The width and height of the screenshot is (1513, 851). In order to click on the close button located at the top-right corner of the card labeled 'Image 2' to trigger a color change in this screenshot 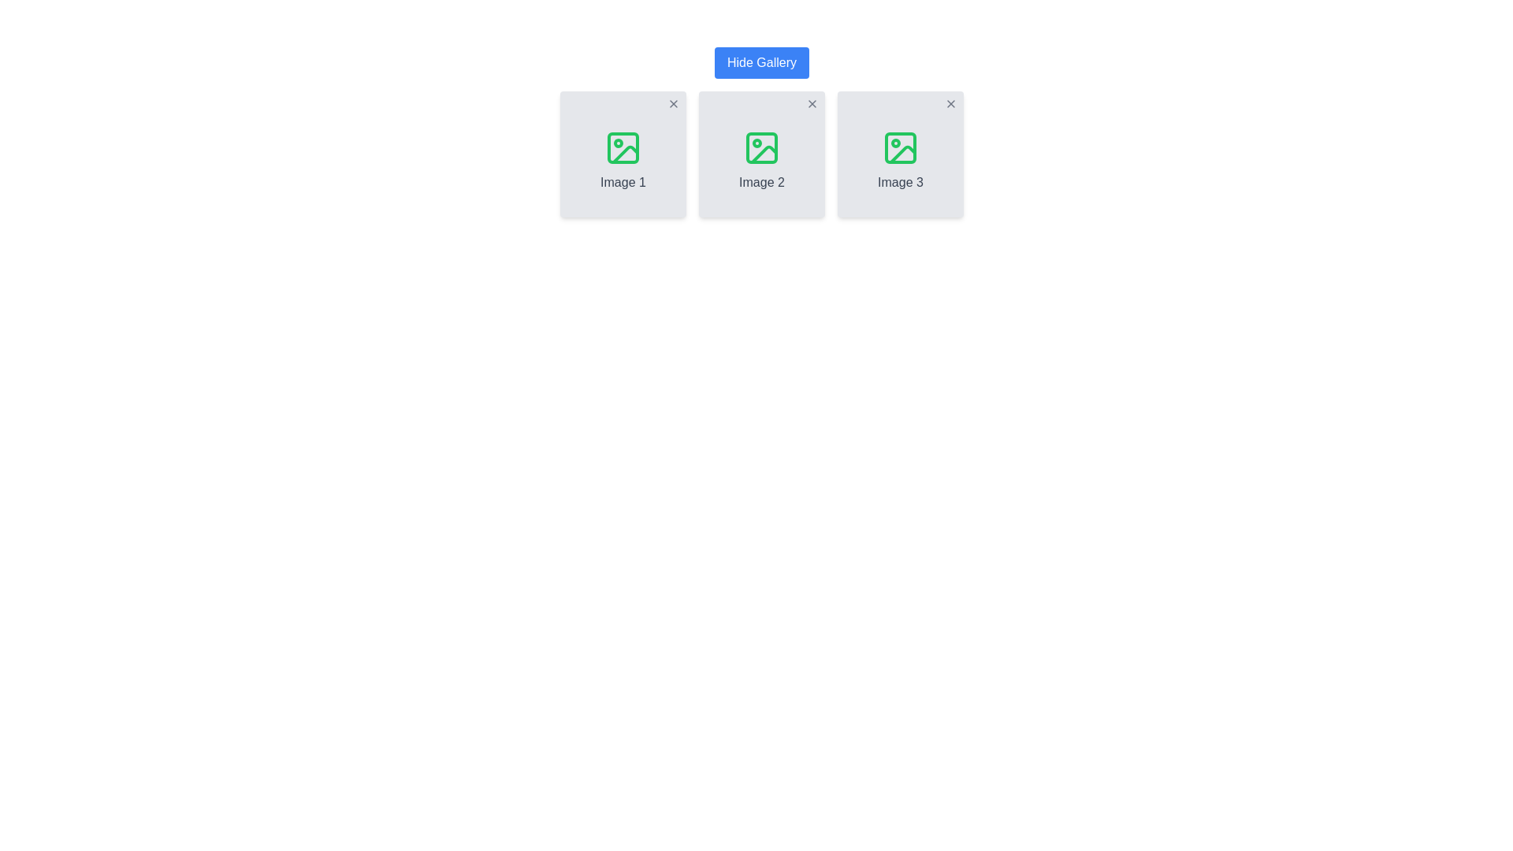, I will do `click(812, 103)`.